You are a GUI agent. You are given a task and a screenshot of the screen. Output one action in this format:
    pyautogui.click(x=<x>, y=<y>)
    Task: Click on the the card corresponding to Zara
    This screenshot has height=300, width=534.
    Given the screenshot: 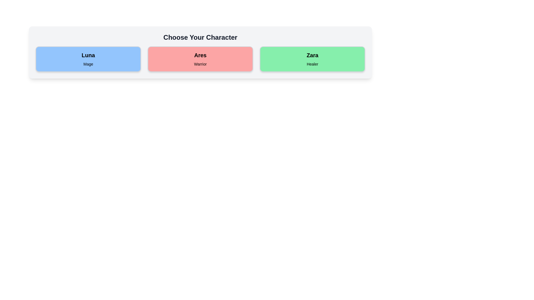 What is the action you would take?
    pyautogui.click(x=312, y=59)
    